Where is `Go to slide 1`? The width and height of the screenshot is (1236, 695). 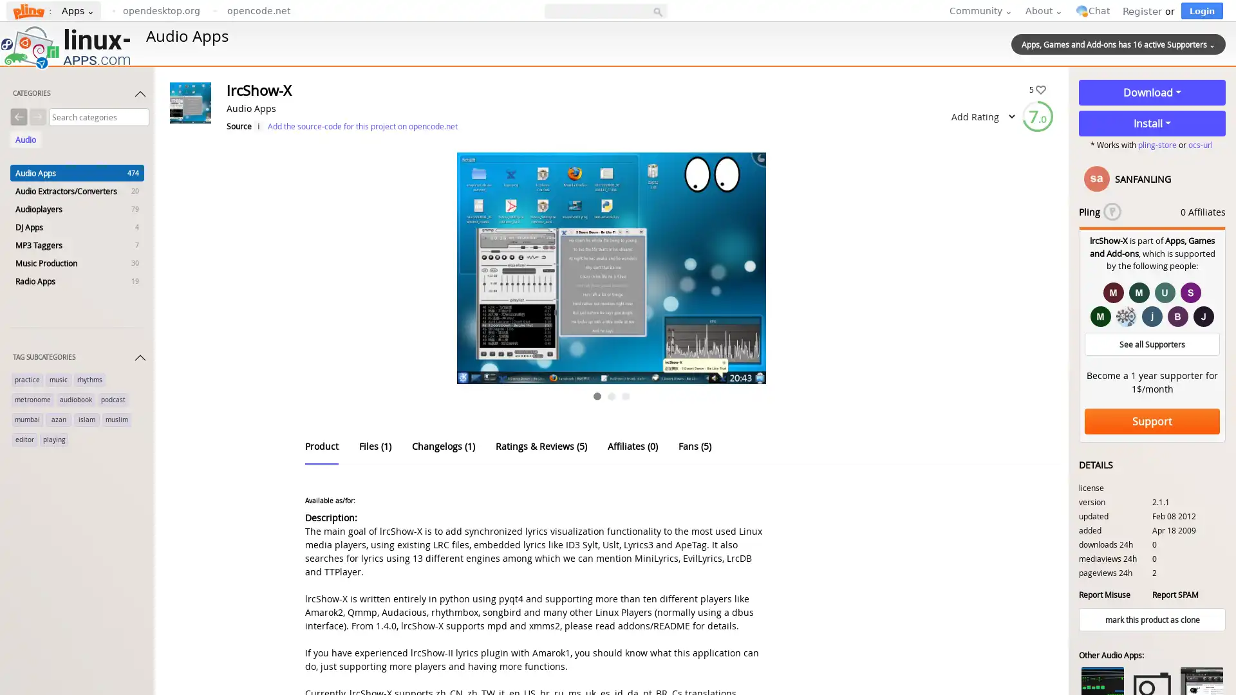
Go to slide 1 is located at coordinates (596, 396).